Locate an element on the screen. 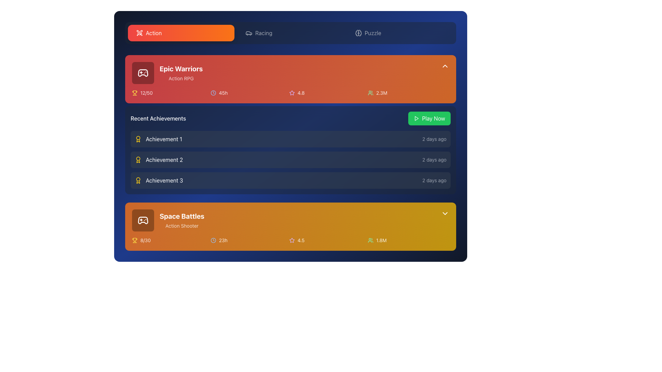 This screenshot has height=372, width=662. the list item containing the text 'Achievement 2' with a yellow award icon is located at coordinates (158, 159).